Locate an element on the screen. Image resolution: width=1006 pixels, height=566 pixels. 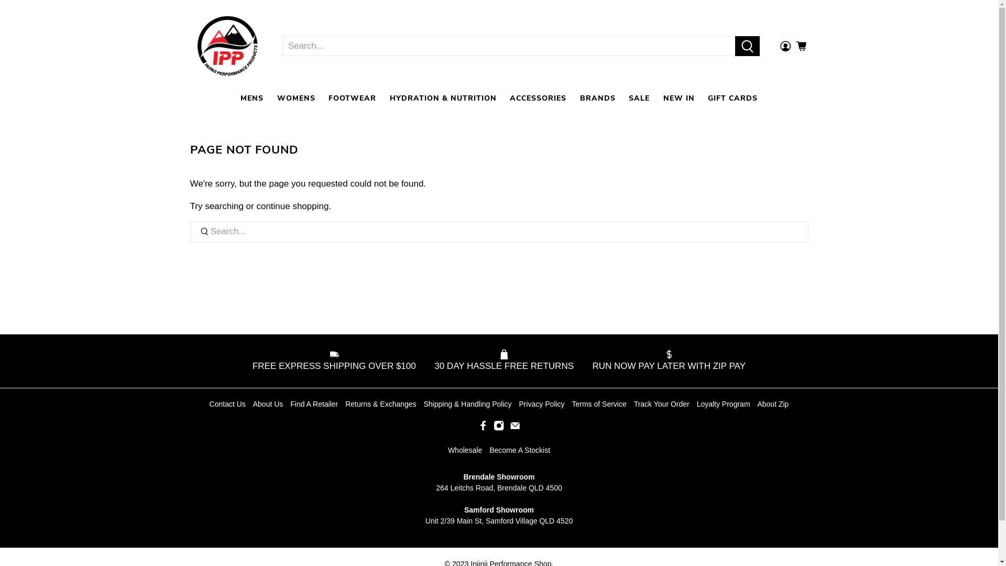
'Loyalty Program' is located at coordinates (723, 404).